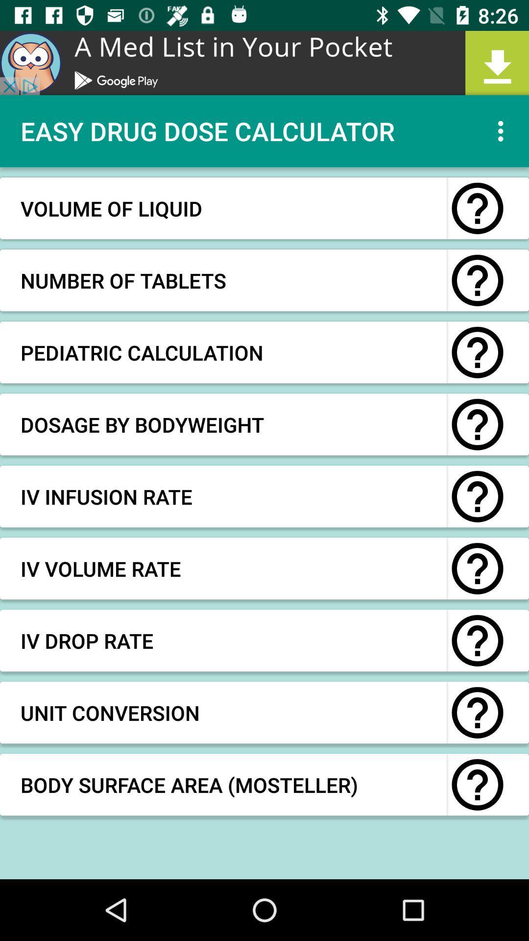  I want to click on help button, so click(477, 713).